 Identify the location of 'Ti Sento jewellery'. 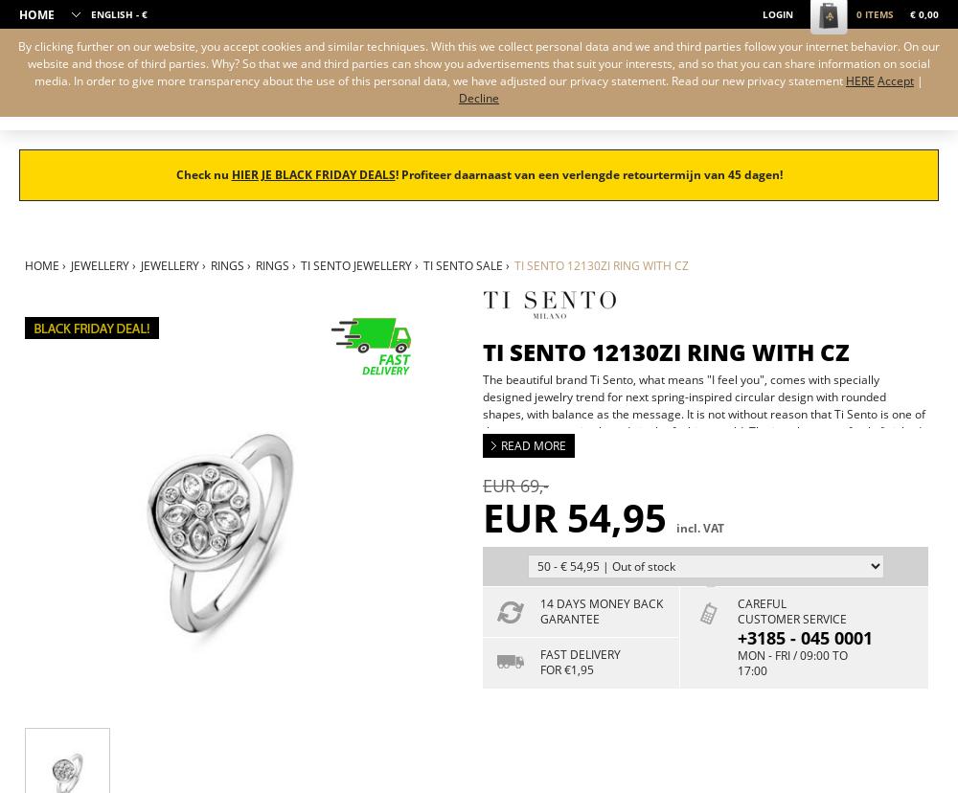
(355, 265).